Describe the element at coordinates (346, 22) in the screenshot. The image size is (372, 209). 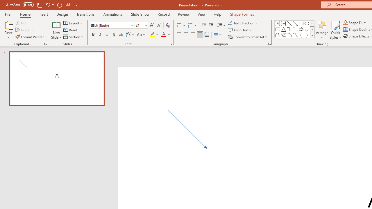
I see `'Shape Fill Orange, Accent 2'` at that location.